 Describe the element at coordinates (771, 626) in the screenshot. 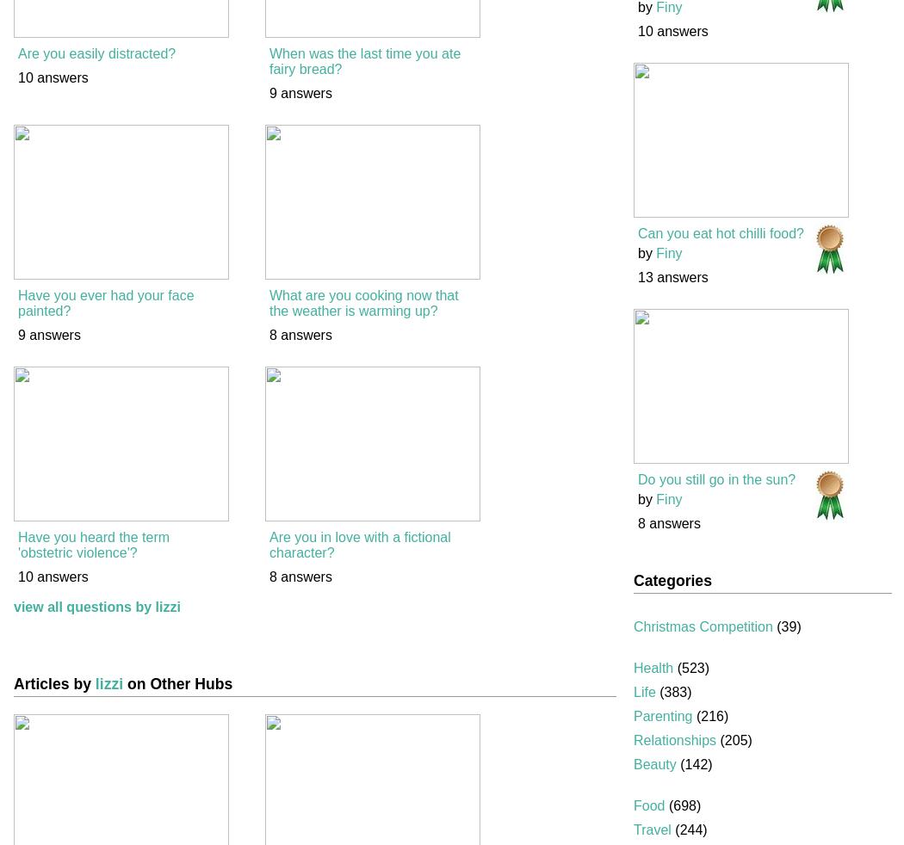

I see `'(39)'` at that location.